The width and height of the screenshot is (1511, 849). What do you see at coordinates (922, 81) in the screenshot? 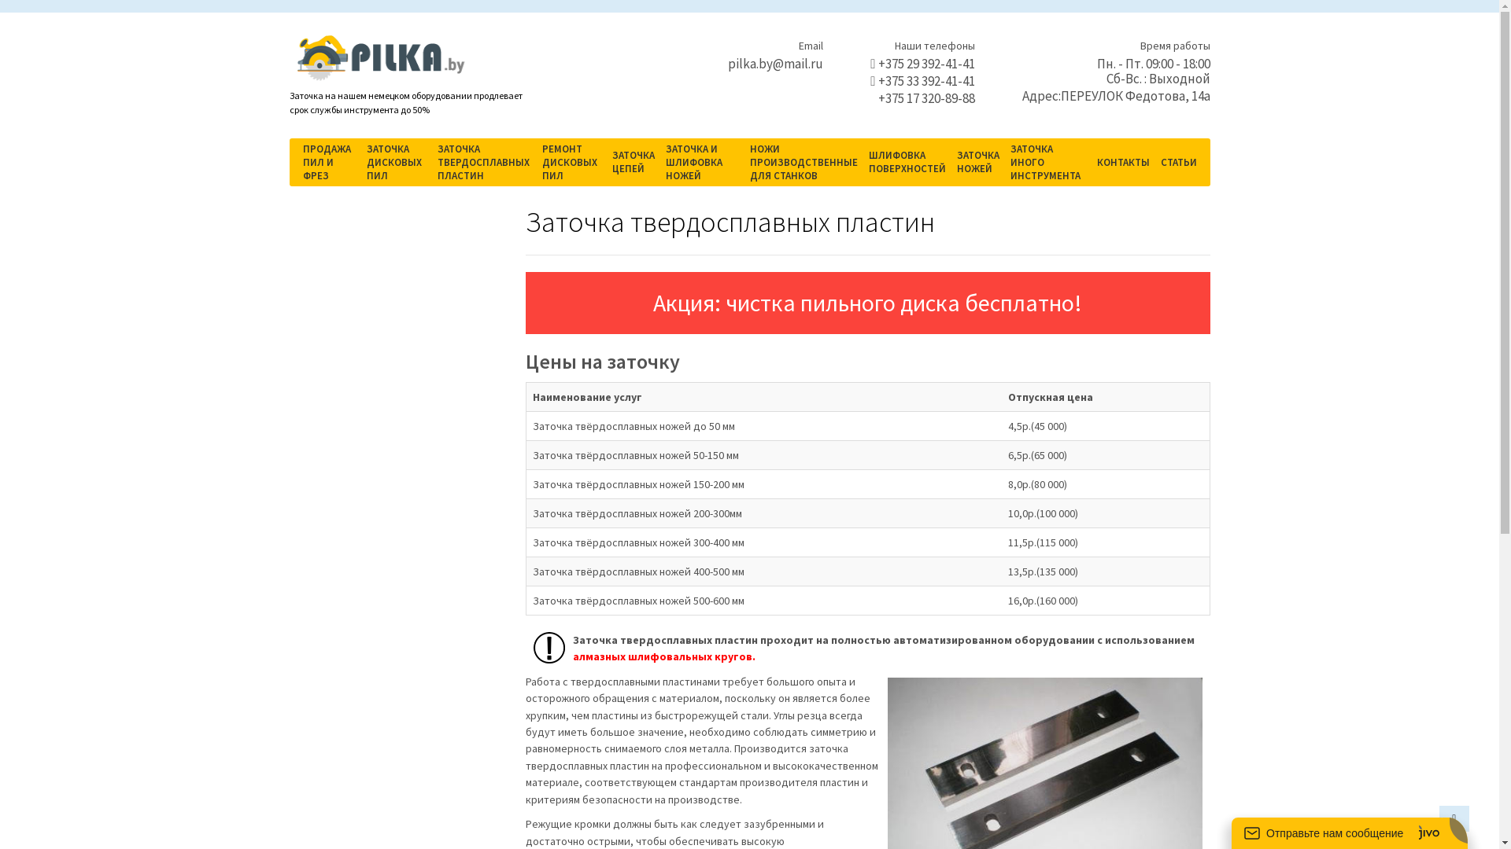
I see `'+375 33 392-41-41'` at bounding box center [922, 81].